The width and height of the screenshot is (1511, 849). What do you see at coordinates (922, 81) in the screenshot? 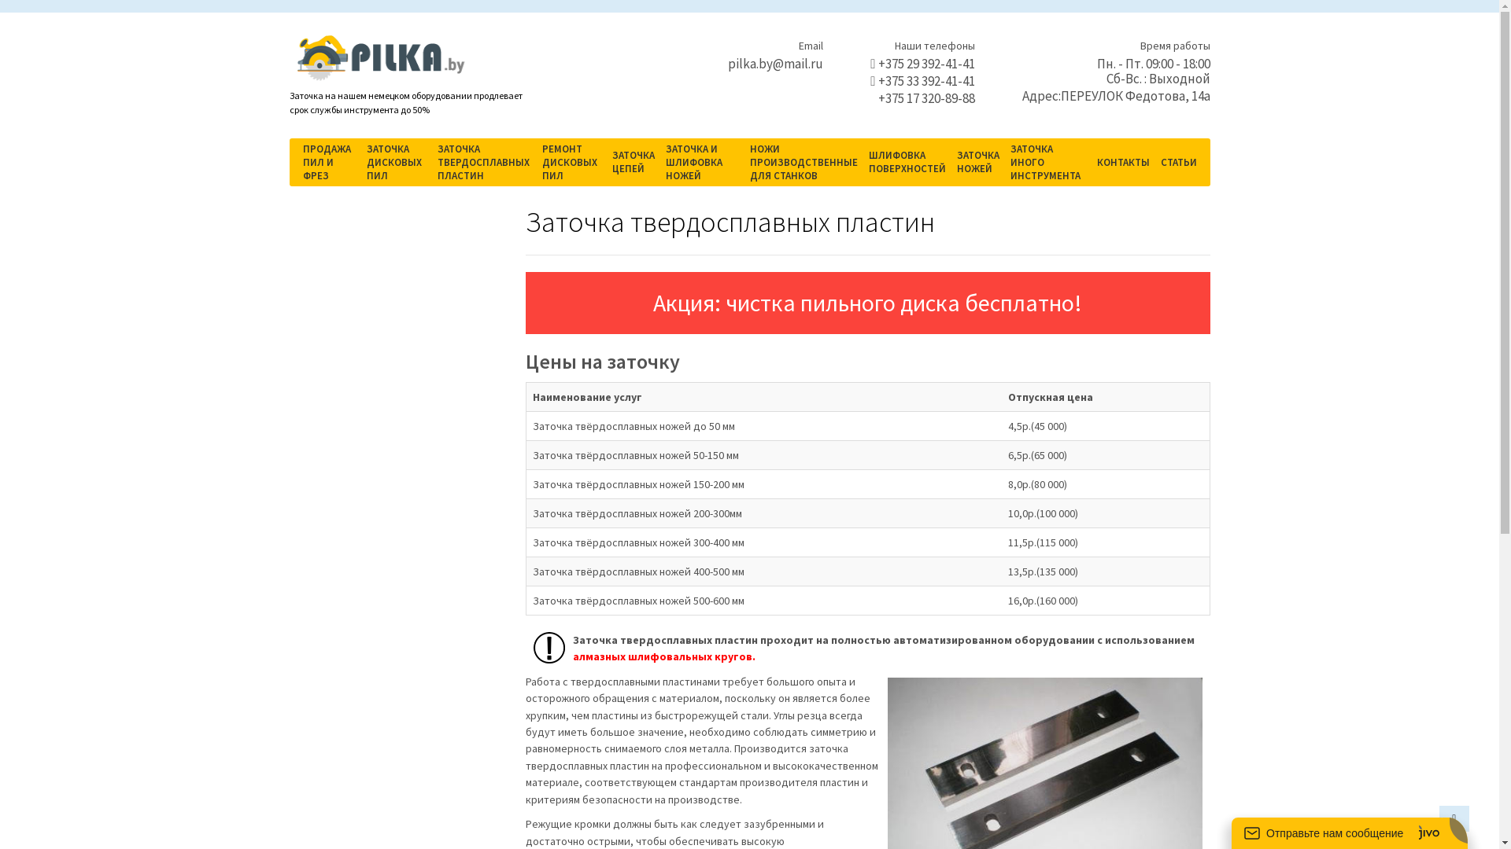
I see `'+375 33 392-41-41'` at bounding box center [922, 81].